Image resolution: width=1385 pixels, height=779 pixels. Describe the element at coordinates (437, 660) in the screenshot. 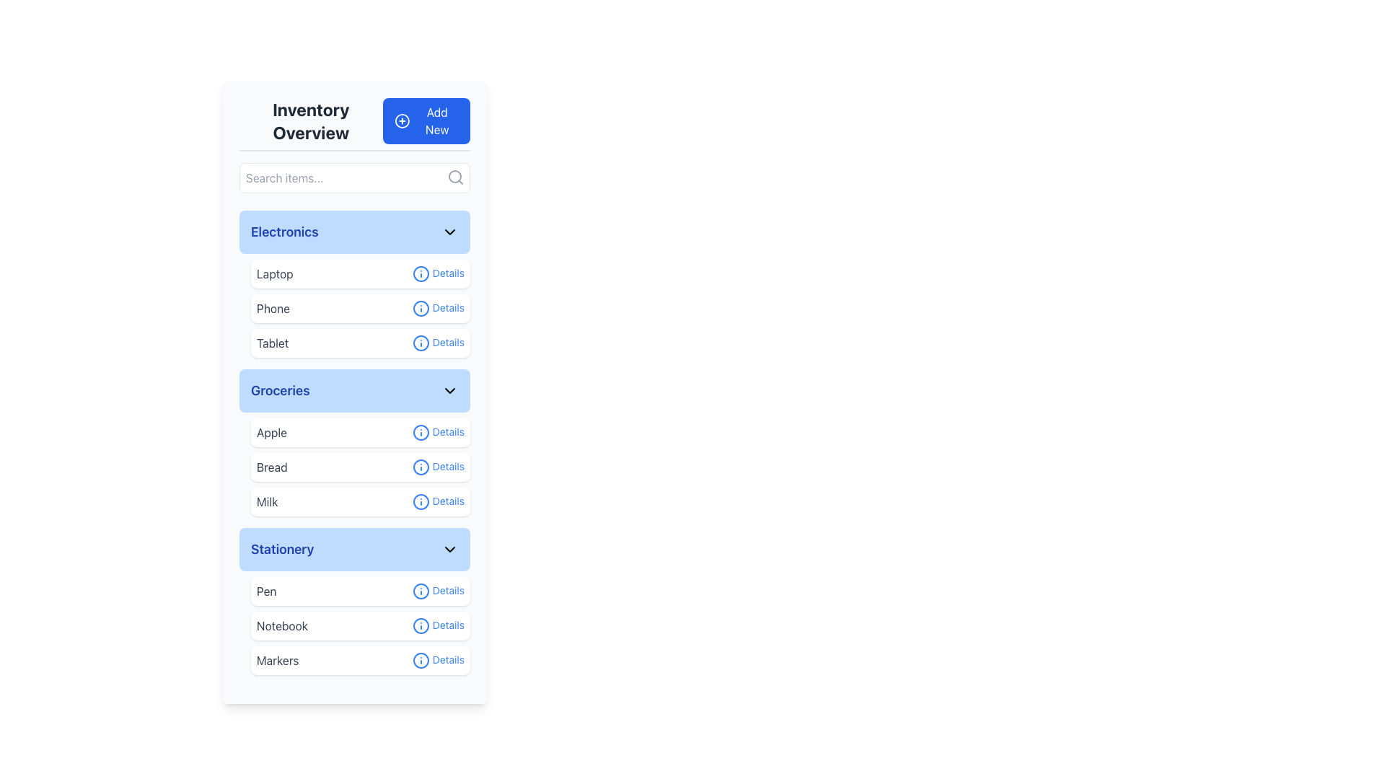

I see `the hyperlink with an adjacent icon located` at that location.